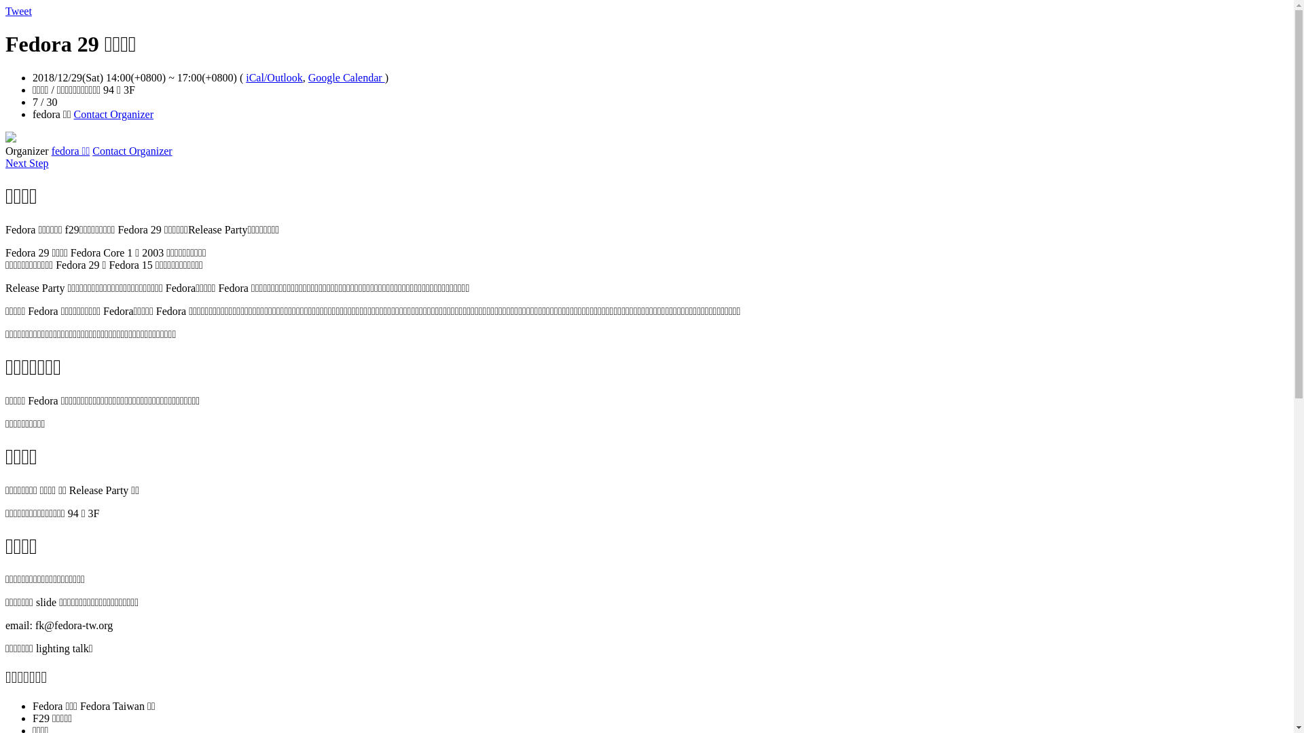 This screenshot has height=733, width=1304. I want to click on 'iCal/Outlook', so click(273, 77).